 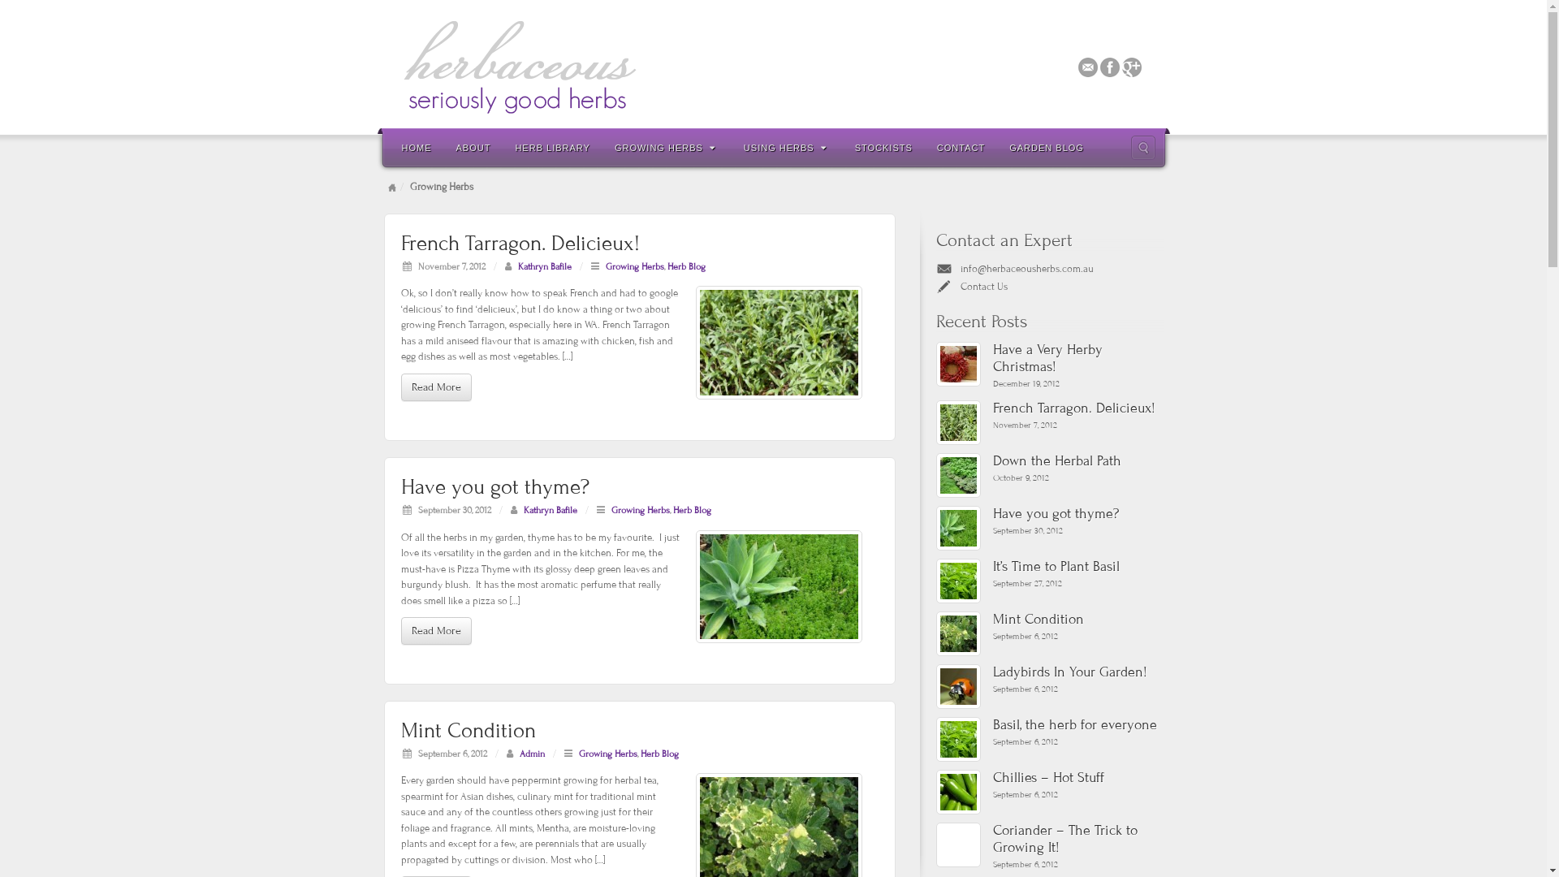 What do you see at coordinates (472, 147) in the screenshot?
I see `'ABOUT'` at bounding box center [472, 147].